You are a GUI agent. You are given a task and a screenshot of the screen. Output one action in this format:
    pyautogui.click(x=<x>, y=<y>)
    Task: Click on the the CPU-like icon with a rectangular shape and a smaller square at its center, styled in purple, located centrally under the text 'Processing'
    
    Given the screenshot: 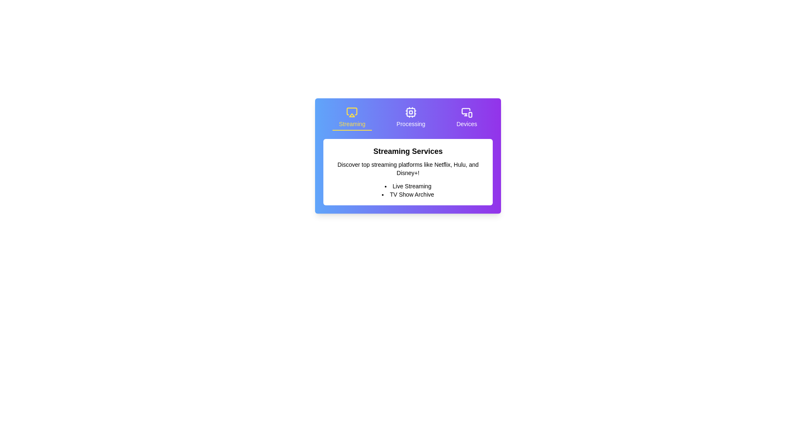 What is the action you would take?
    pyautogui.click(x=411, y=112)
    